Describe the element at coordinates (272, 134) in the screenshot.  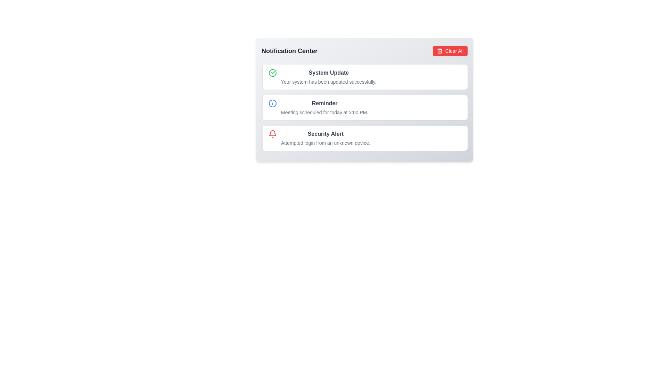
I see `the bell icon located within the 'Security Alert' notification card in the notification center` at that location.